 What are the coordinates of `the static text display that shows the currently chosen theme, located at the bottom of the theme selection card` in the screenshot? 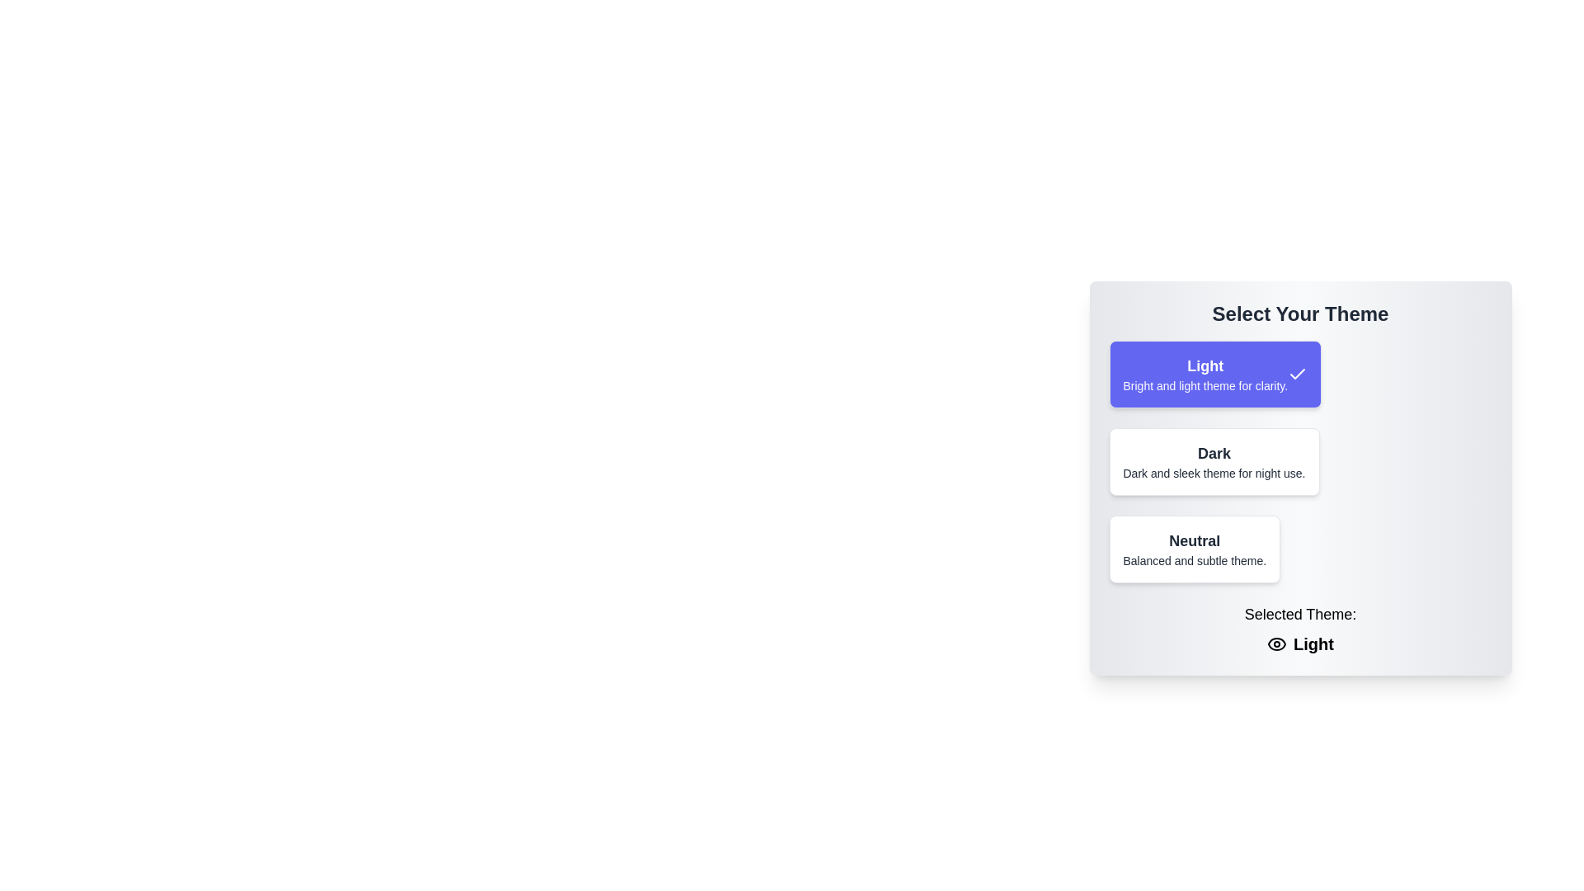 It's located at (1299, 629).